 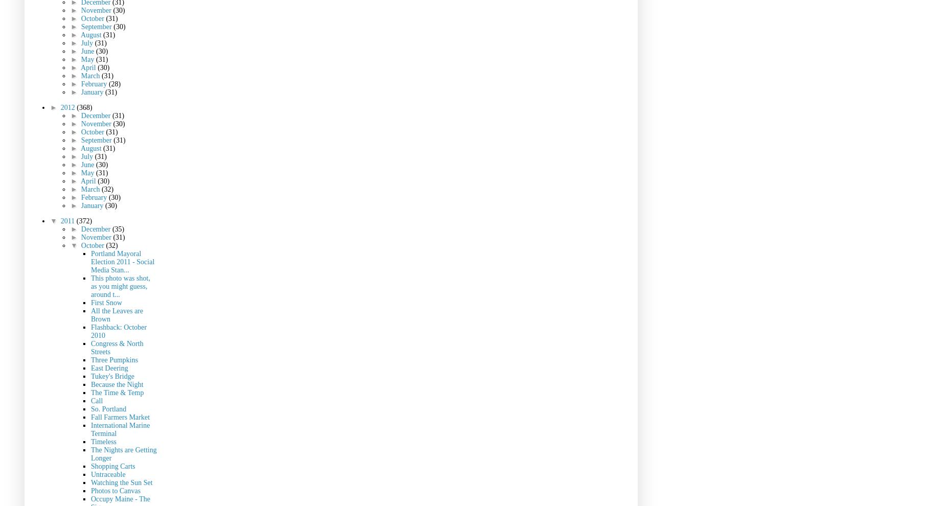 I want to click on 'Shopping Carts', so click(x=112, y=465).